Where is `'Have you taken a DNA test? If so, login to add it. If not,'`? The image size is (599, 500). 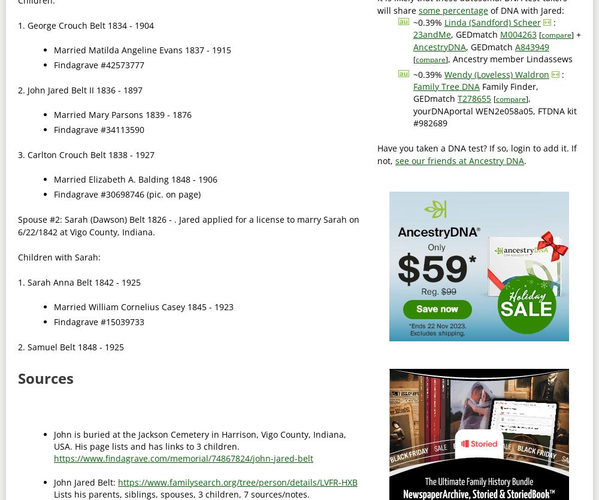
'Have you taken a DNA test? If so, login to add it. If not,' is located at coordinates (477, 154).